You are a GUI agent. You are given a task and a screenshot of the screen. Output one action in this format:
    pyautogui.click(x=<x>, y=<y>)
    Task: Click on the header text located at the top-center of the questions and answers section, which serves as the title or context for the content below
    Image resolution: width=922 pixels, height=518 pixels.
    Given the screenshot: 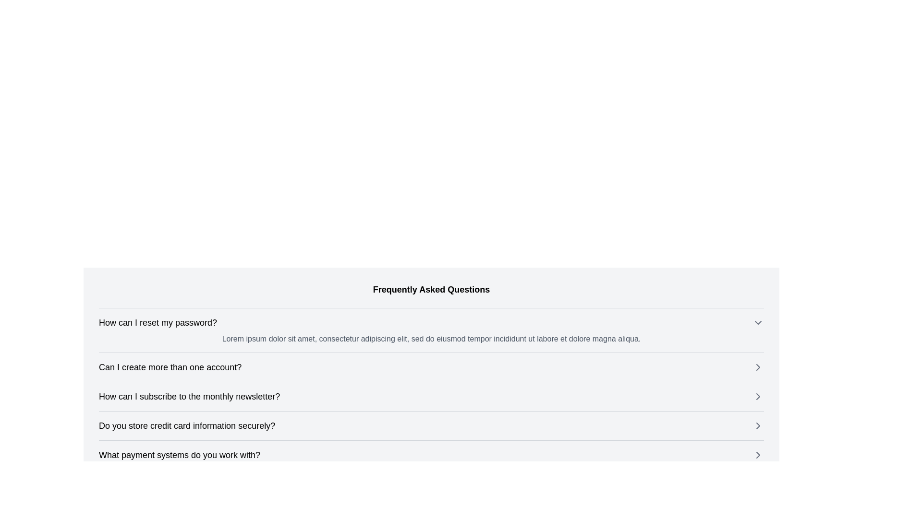 What is the action you would take?
    pyautogui.click(x=431, y=289)
    